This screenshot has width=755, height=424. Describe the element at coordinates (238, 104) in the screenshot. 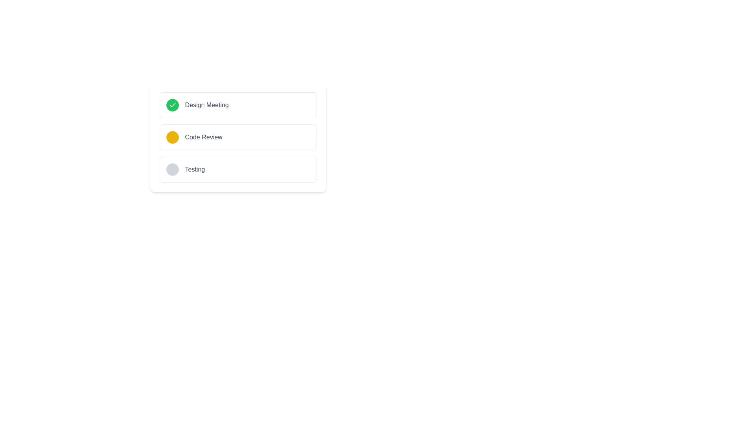

I see `the first item in the task list that represents a 'Design Meeting'` at that location.